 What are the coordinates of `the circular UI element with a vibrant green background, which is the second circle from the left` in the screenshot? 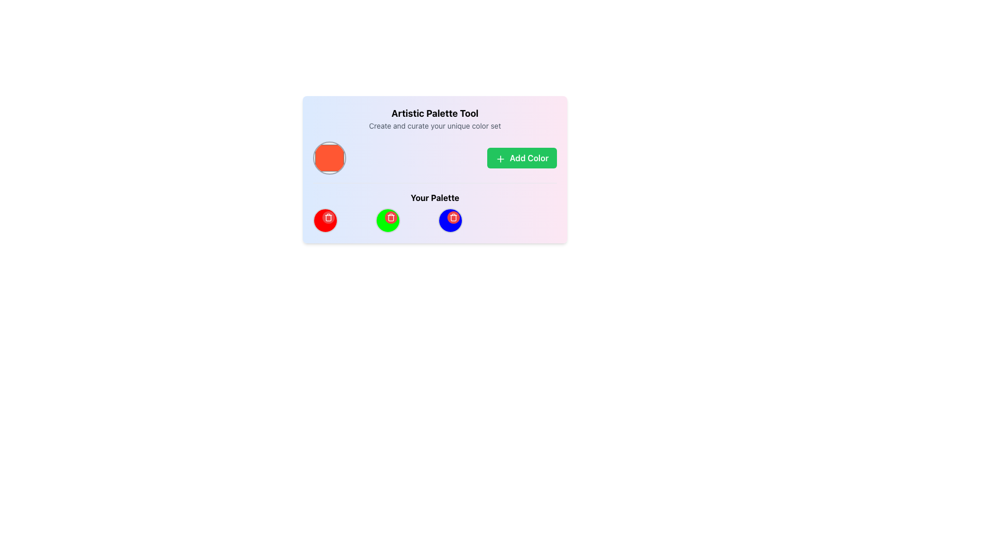 It's located at (387, 220).